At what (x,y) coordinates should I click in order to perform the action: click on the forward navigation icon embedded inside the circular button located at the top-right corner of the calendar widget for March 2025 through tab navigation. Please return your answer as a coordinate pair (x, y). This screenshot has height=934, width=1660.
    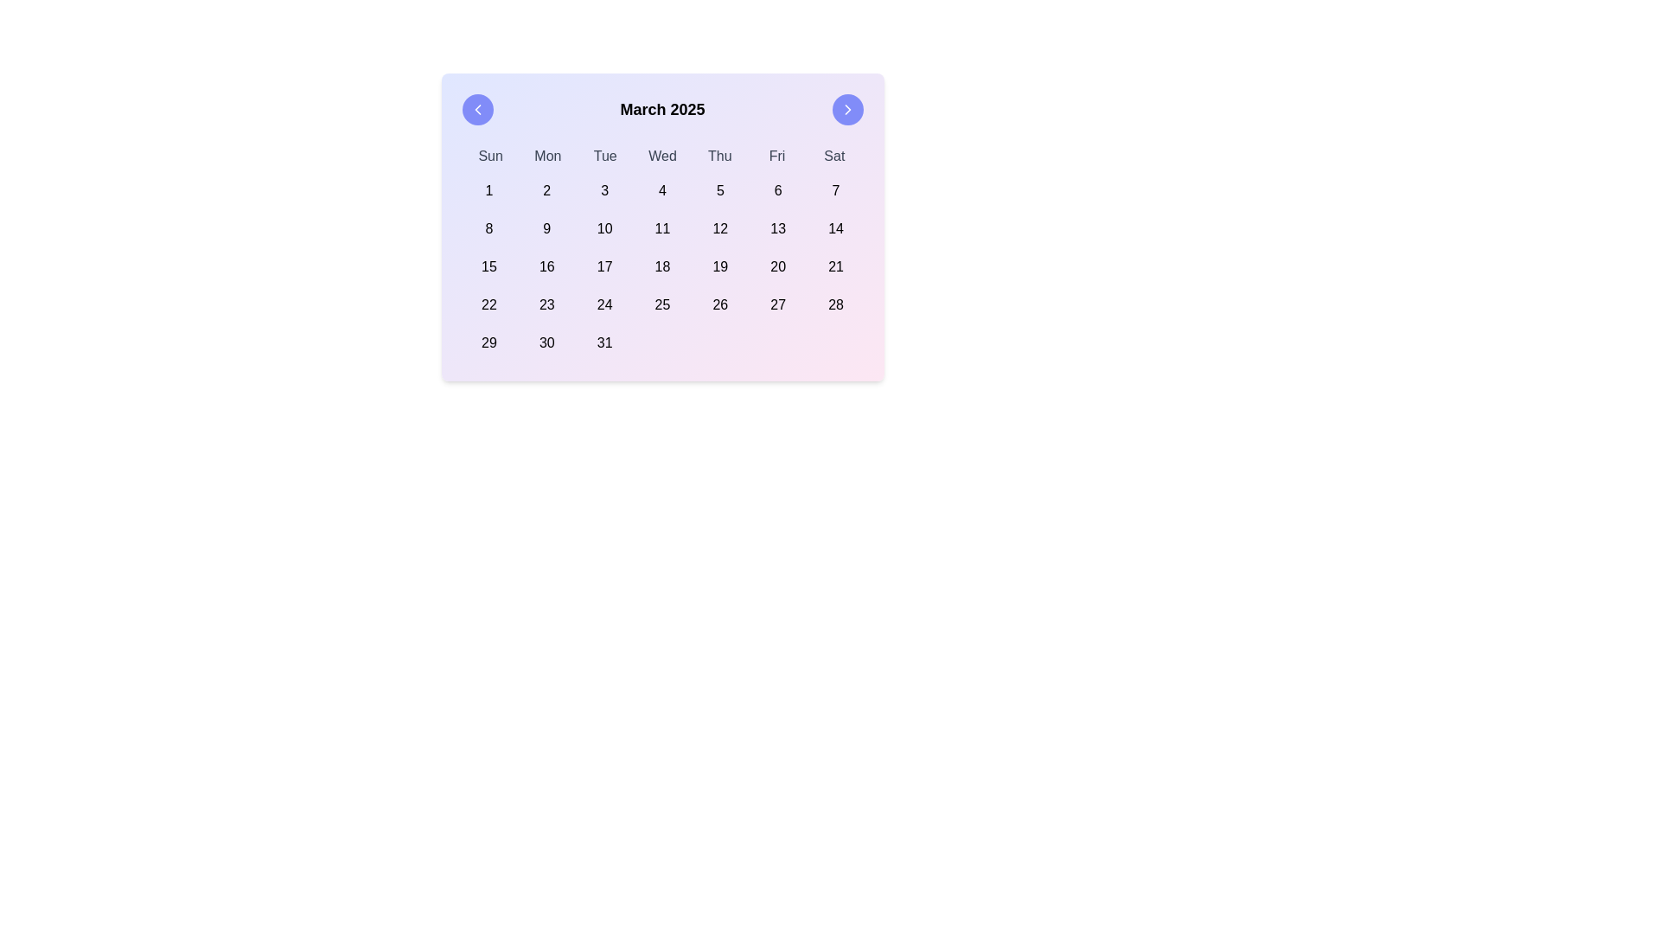
    Looking at the image, I should click on (847, 110).